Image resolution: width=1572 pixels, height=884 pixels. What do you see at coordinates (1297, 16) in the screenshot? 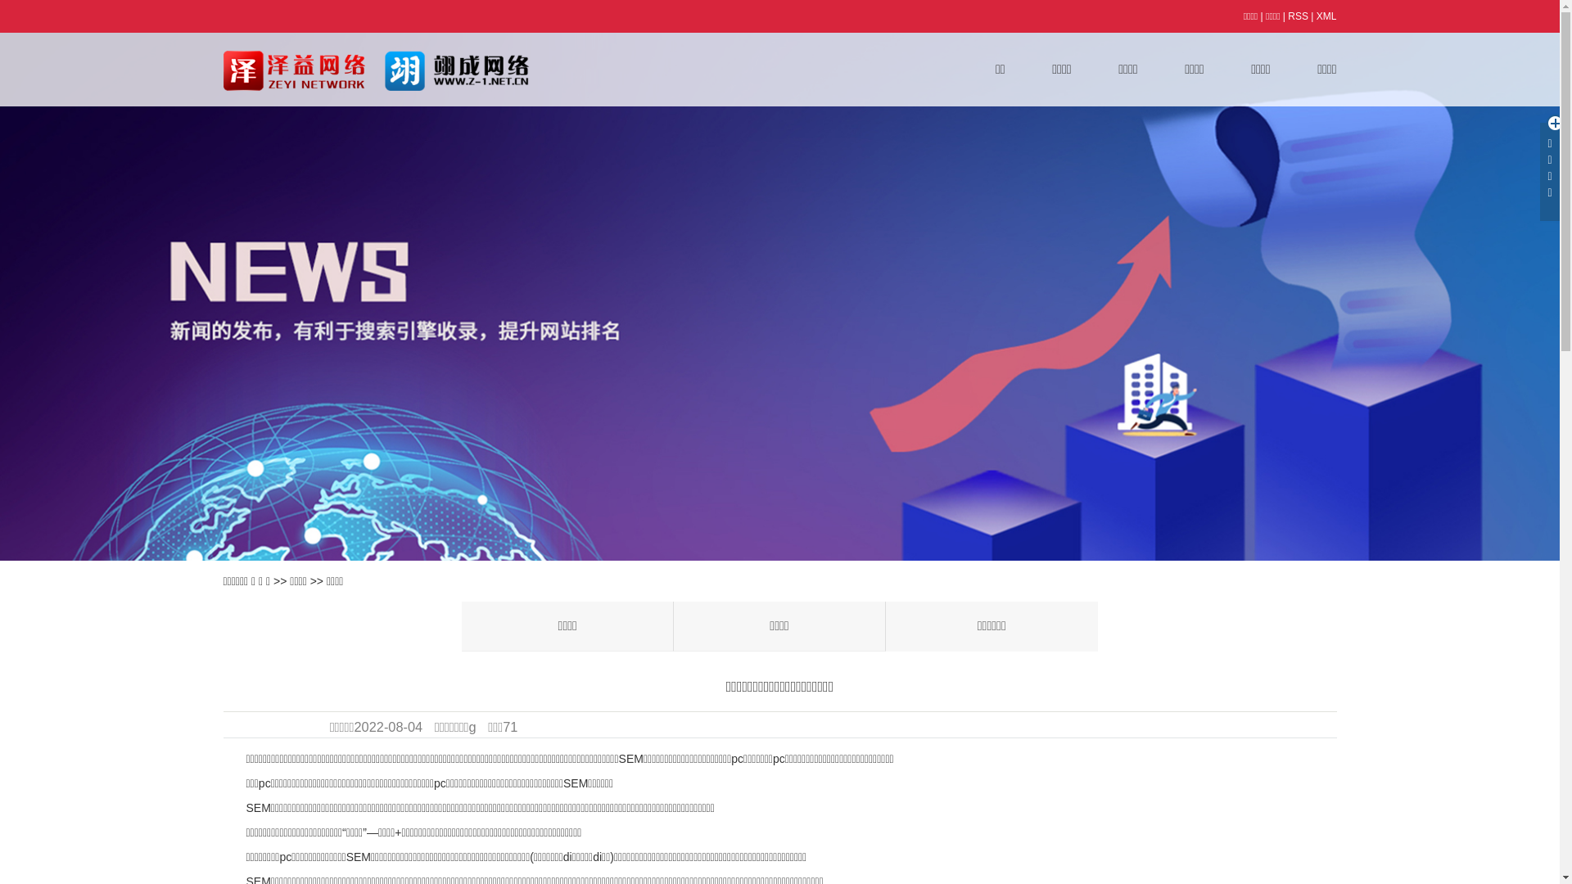
I see `'RSS'` at bounding box center [1297, 16].